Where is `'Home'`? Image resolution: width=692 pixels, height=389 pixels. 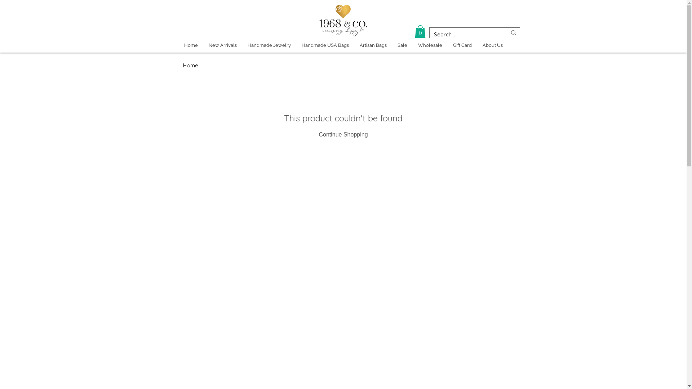
'Home' is located at coordinates (191, 45).